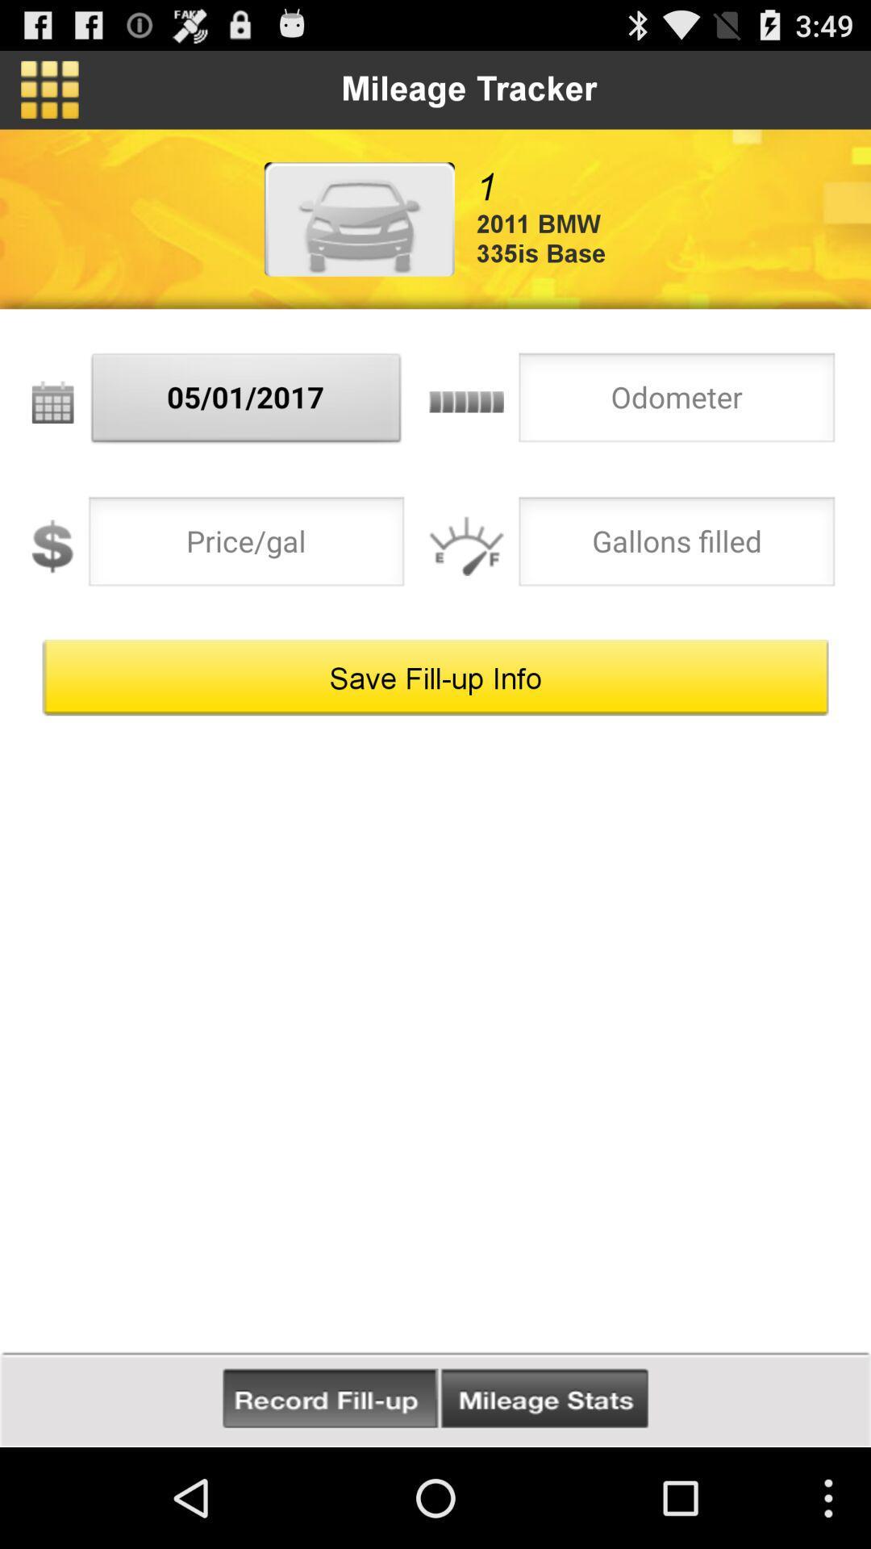  I want to click on the save fill up, so click(435, 678).